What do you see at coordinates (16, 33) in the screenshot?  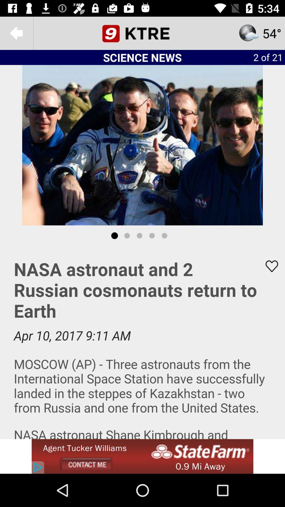 I see `the arrow_backward icon` at bounding box center [16, 33].